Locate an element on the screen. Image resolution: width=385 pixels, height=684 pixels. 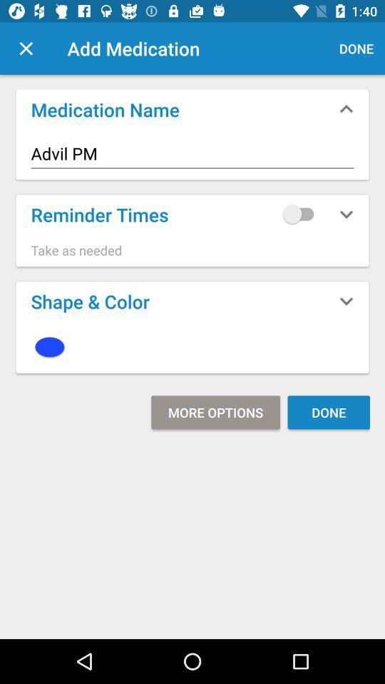
take as needed item is located at coordinates (192, 250).